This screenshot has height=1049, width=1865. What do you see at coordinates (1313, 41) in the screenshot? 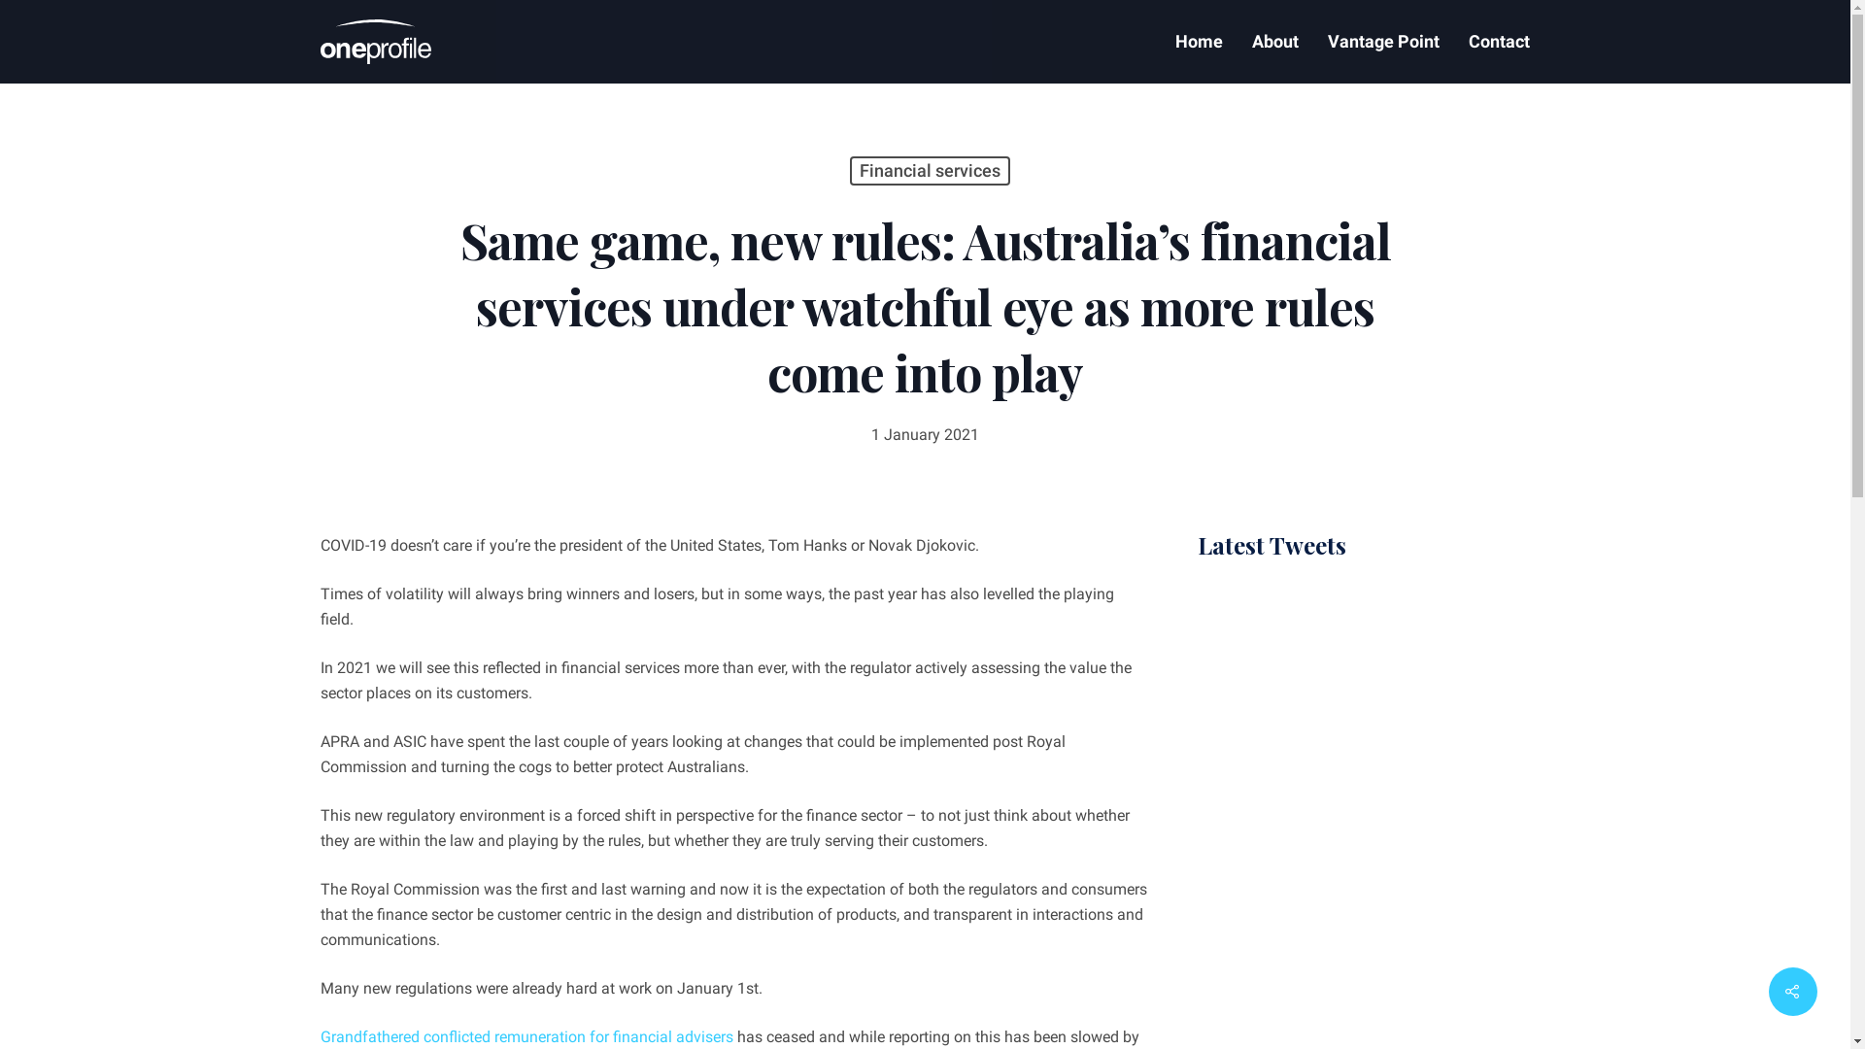
I see `'Vantage Point'` at bounding box center [1313, 41].